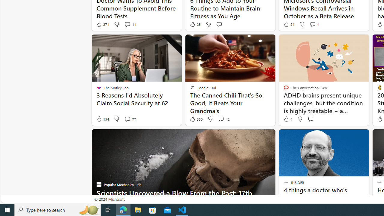 Image resolution: width=384 pixels, height=216 pixels. What do you see at coordinates (287, 119) in the screenshot?
I see `'4 Like'` at bounding box center [287, 119].